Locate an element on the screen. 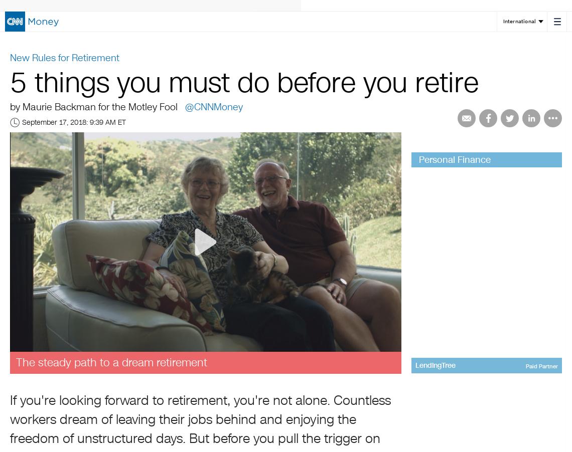  'by Maurie Backman for the Motley Fool' is located at coordinates (95, 106).